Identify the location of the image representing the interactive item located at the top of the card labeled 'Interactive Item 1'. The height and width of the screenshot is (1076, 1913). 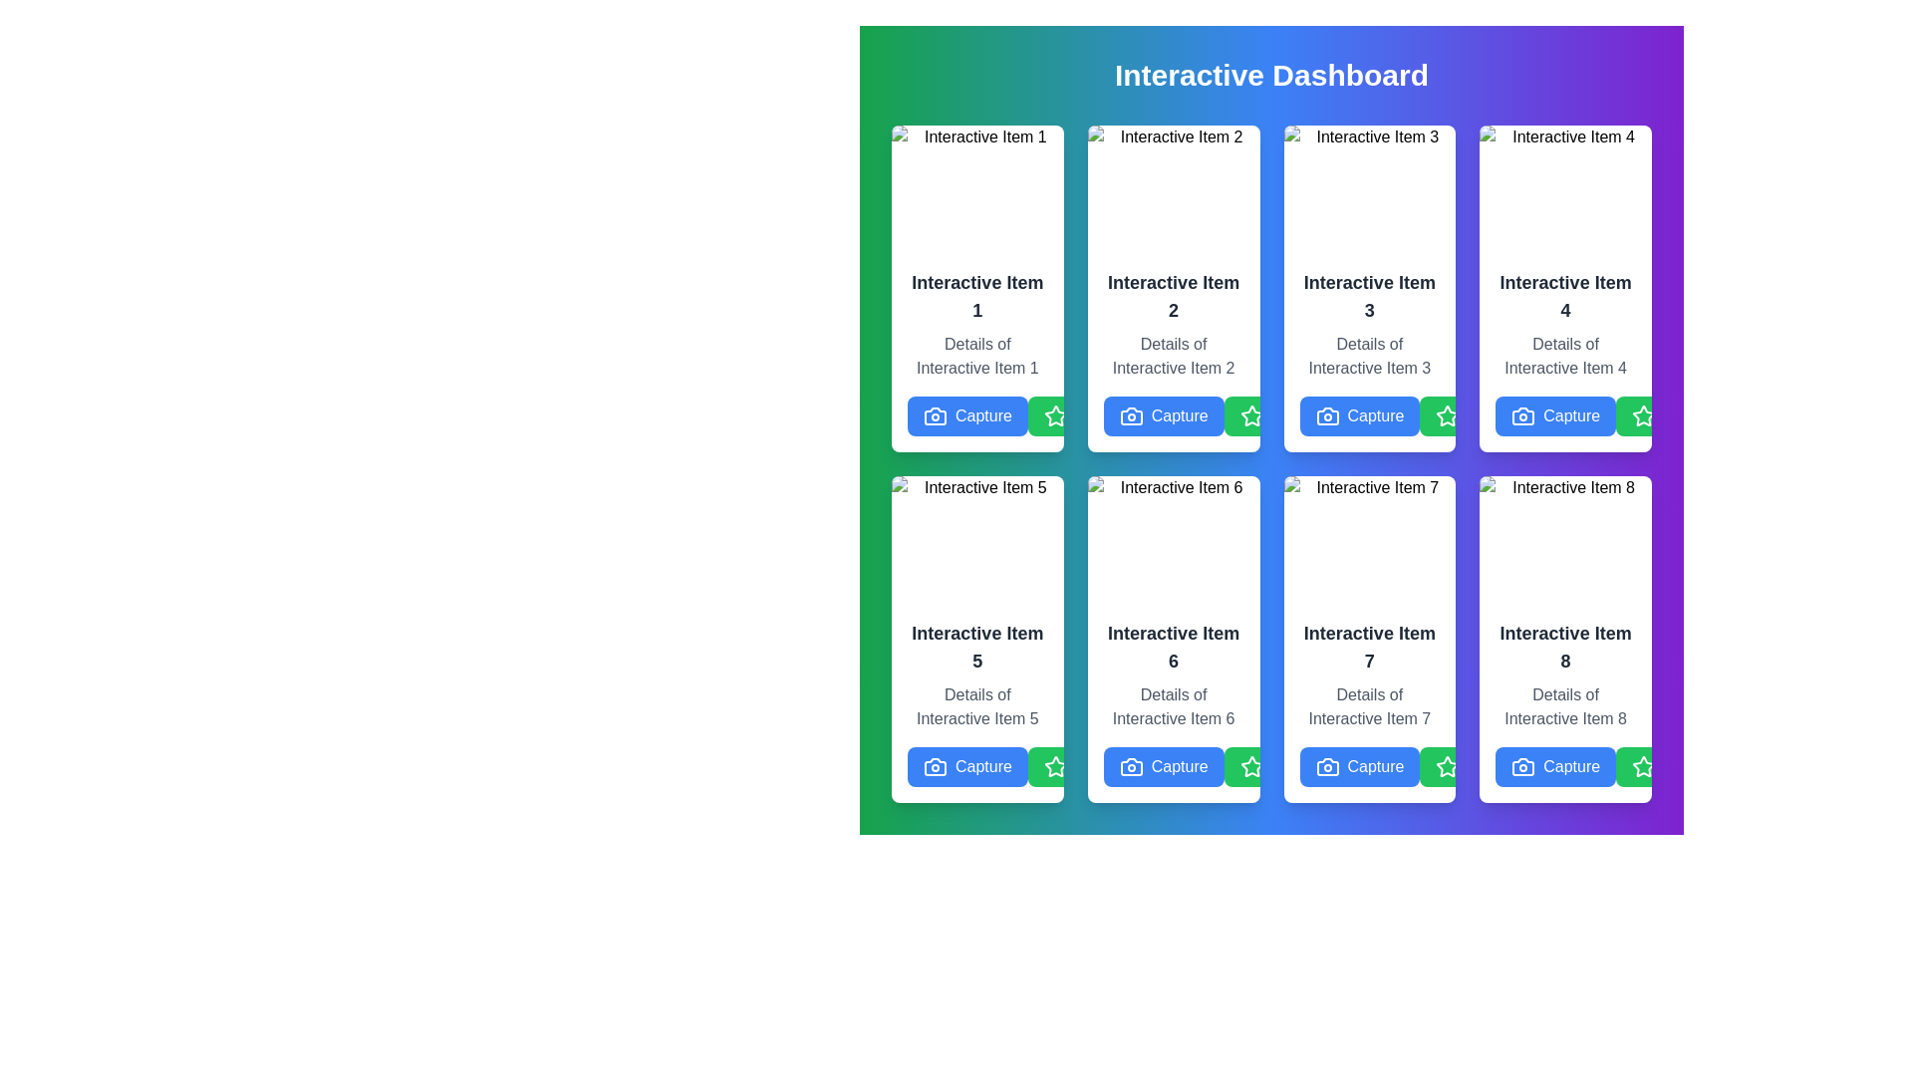
(977, 188).